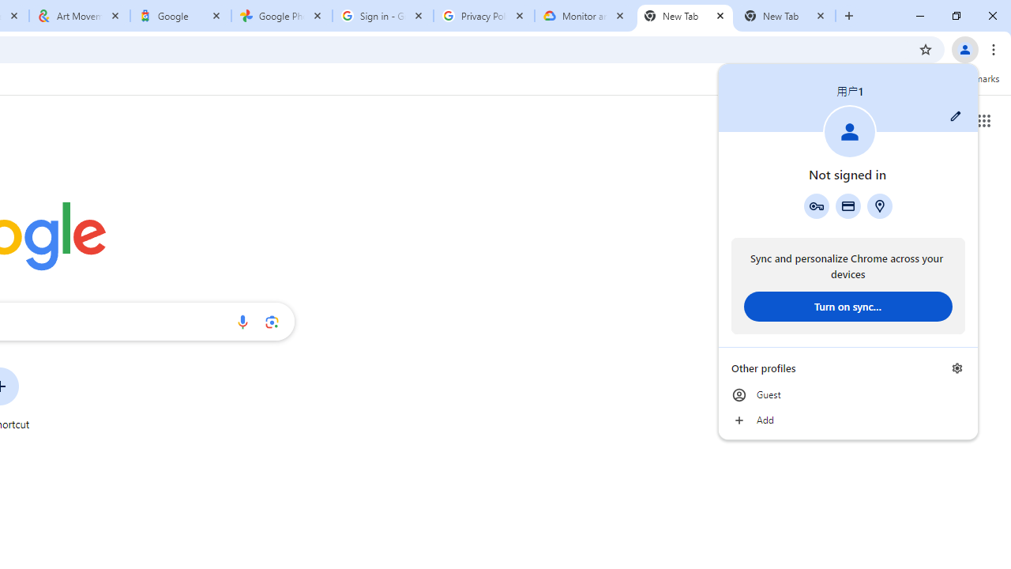 Image resolution: width=1011 pixels, height=569 pixels. What do you see at coordinates (848, 205) in the screenshot?
I see `'Payment methods'` at bounding box center [848, 205].